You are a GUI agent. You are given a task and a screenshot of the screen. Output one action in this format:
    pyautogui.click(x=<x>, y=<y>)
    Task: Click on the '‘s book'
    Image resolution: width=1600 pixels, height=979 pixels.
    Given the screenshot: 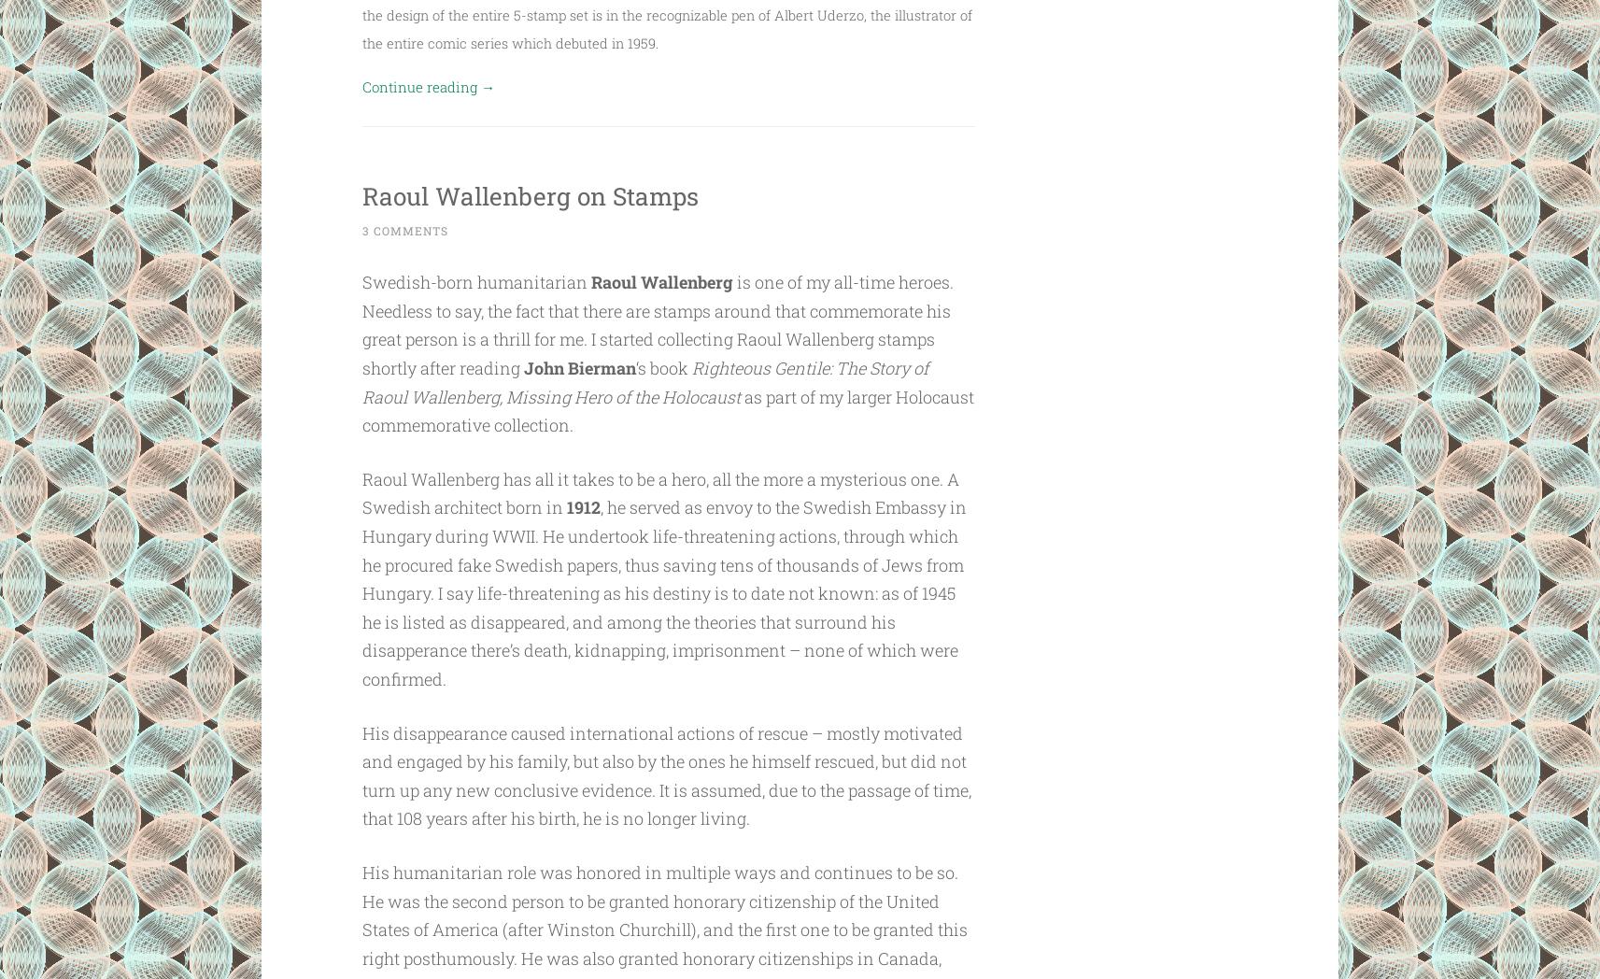 What is the action you would take?
    pyautogui.click(x=663, y=368)
    